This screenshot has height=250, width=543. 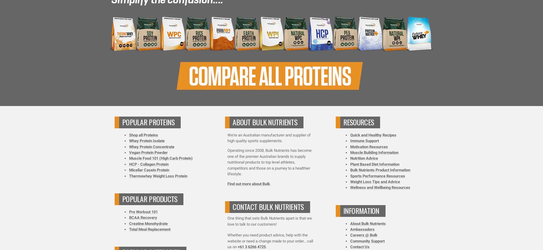 What do you see at coordinates (225, 44) in the screenshot?
I see `'Bulk Nutrients is proudly'` at bounding box center [225, 44].